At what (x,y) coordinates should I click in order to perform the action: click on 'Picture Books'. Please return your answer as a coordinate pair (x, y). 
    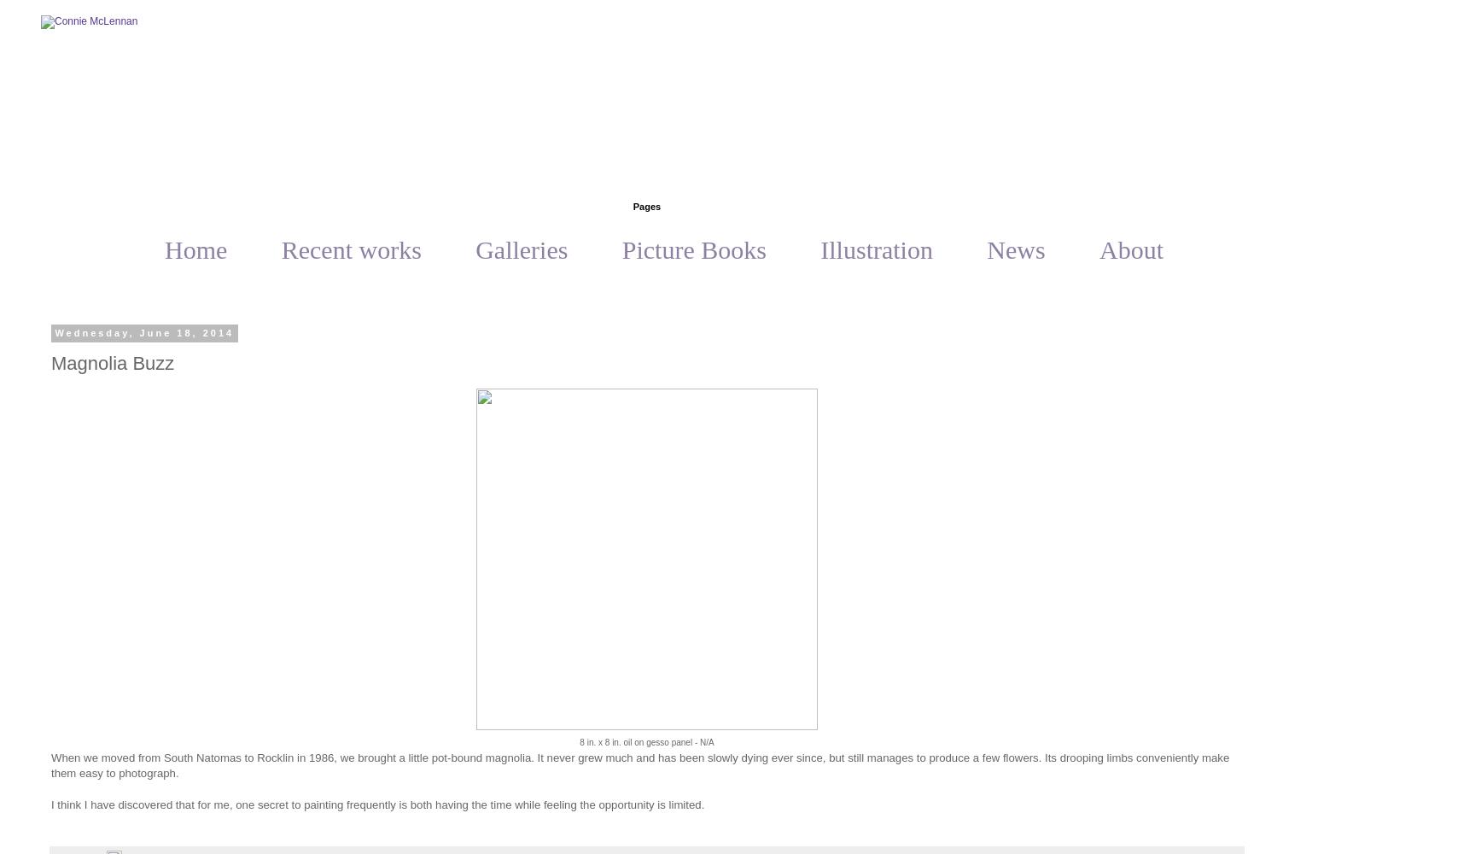
    Looking at the image, I should click on (693, 249).